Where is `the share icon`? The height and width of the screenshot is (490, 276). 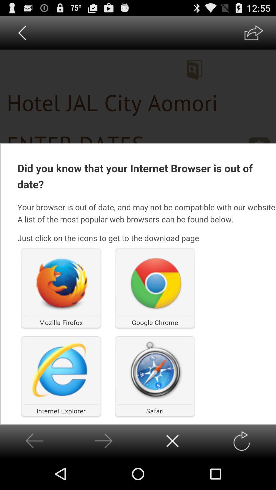
the share icon is located at coordinates (254, 35).